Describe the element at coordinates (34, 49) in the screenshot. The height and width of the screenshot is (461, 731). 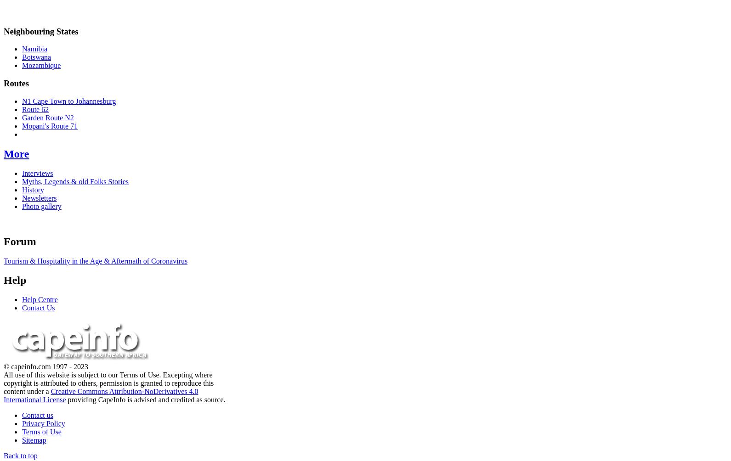
I see `'Namibia'` at that location.